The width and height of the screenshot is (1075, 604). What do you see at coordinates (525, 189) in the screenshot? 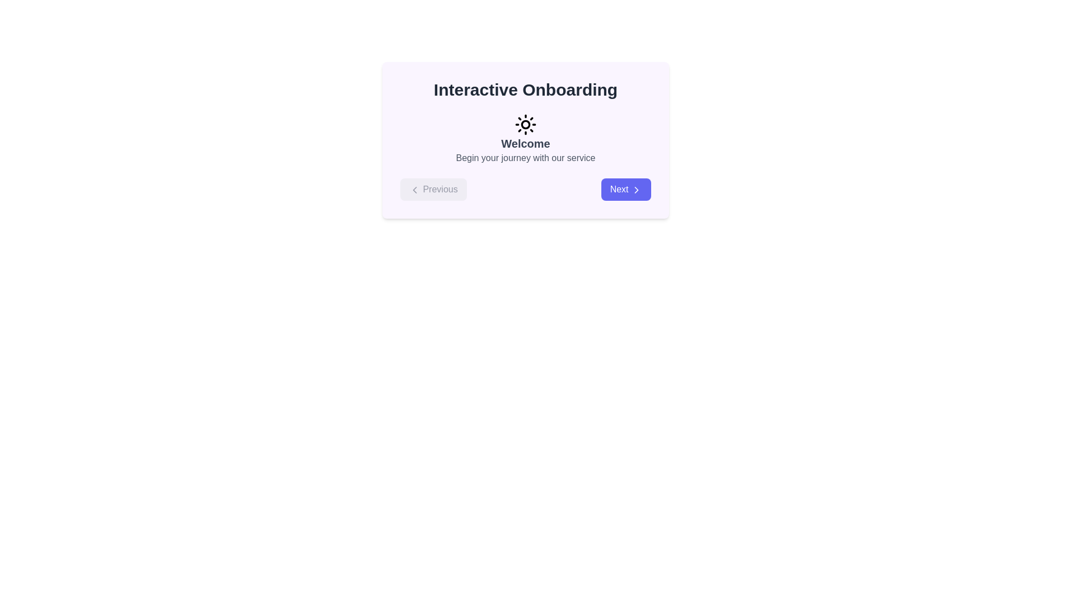
I see `the Navigation controls with distinct Left and Right buttons to trigger hover effects` at bounding box center [525, 189].